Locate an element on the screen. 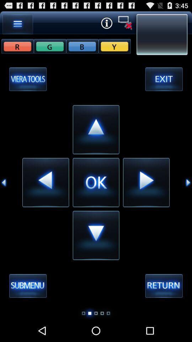  the info icon is located at coordinates (106, 24).